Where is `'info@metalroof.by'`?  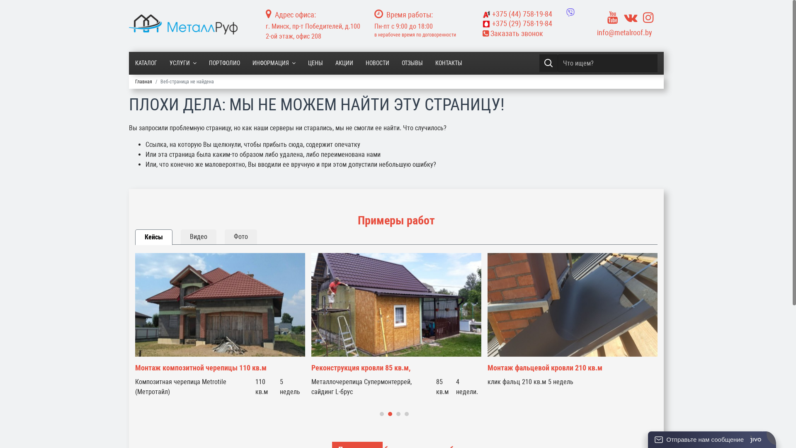
'info@metalroof.by' is located at coordinates (597, 32).